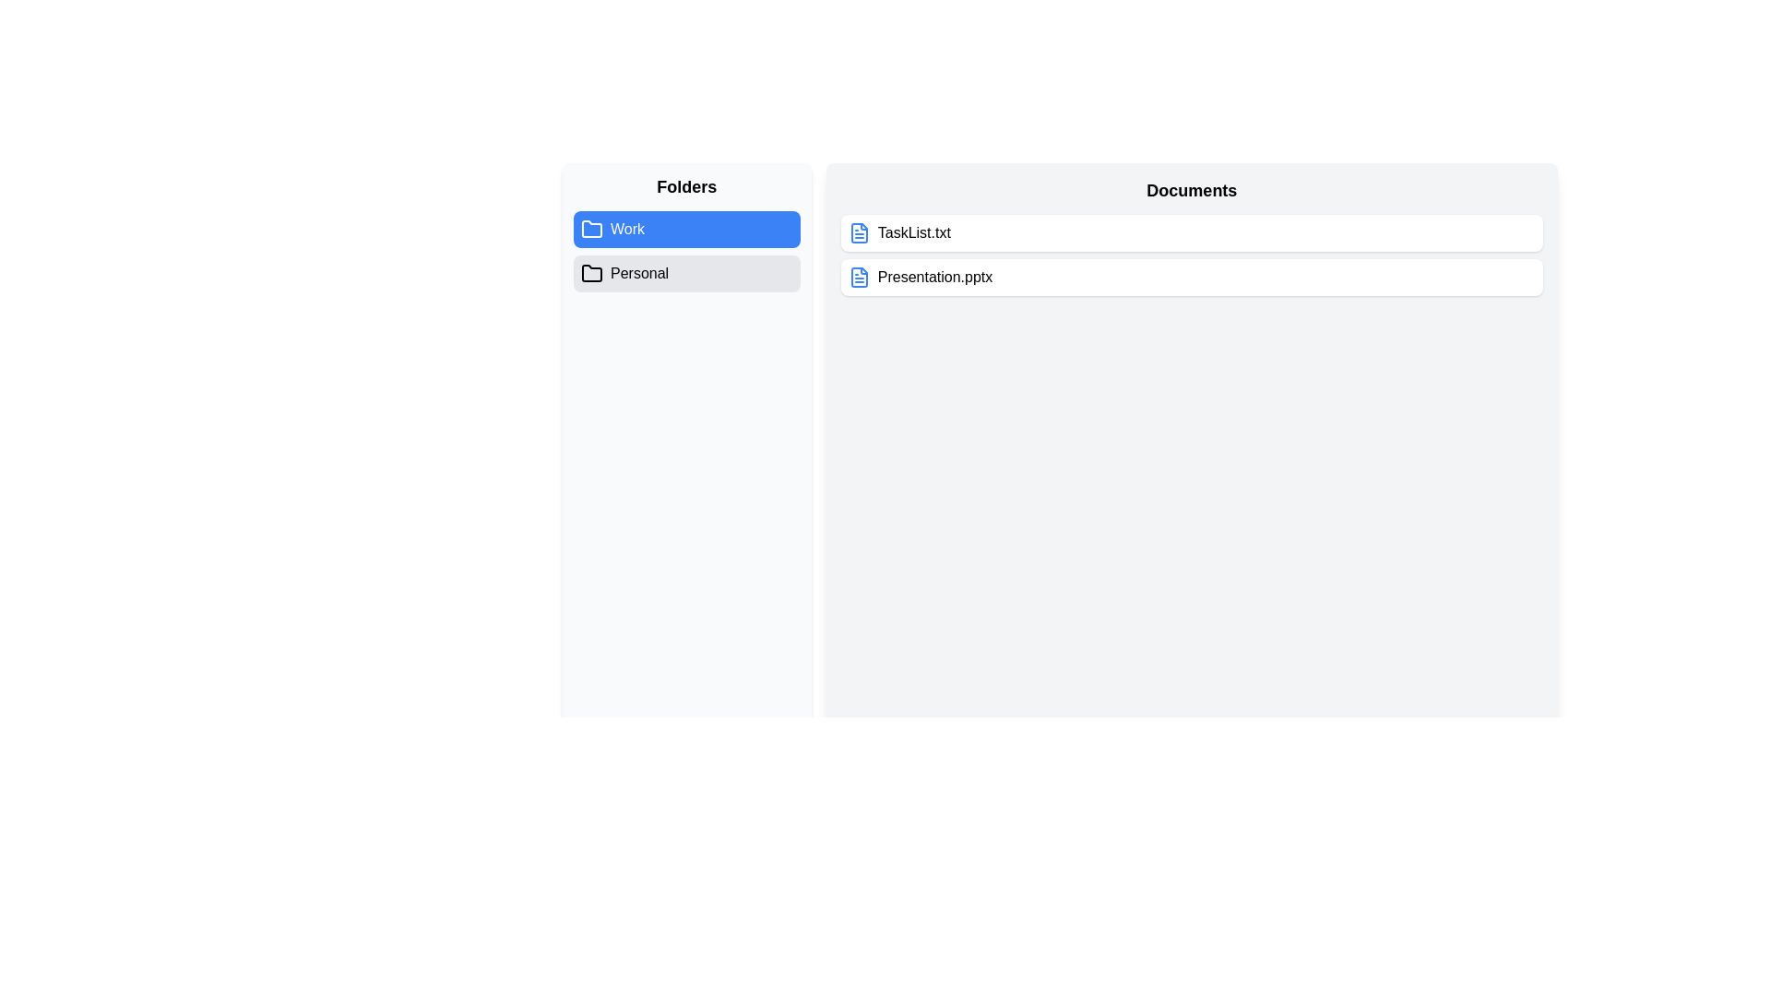 The height and width of the screenshot is (996, 1771). I want to click on the list item labeled 'TaskList.txt', so click(1192, 232).